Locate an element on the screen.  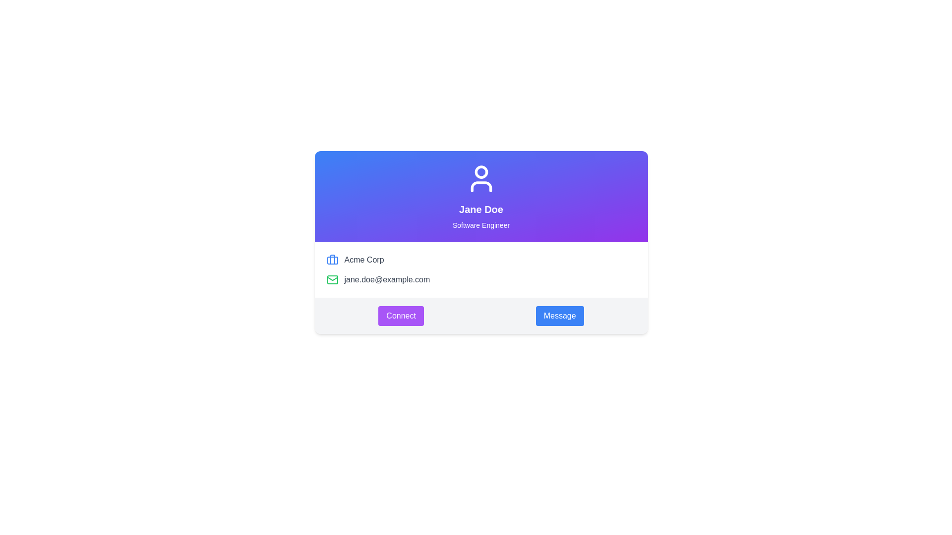
the 'Connect' button with a purple background and white text at the bottom left corner of the section is located at coordinates (401, 316).